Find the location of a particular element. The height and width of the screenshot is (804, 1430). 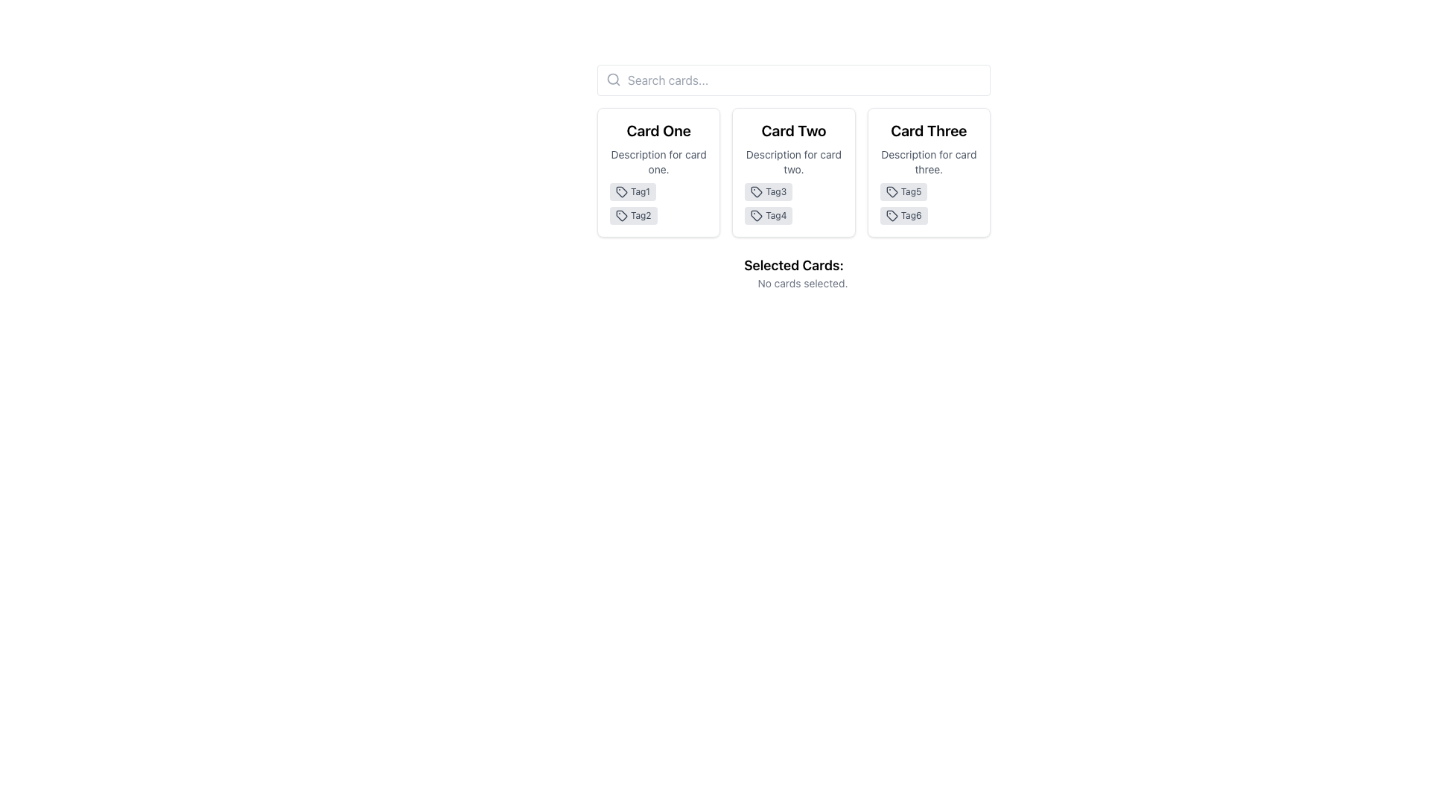

the text label displaying 'Description for card one.' which is located in the middle section of the first card labeled 'Card One.' is located at coordinates (658, 162).